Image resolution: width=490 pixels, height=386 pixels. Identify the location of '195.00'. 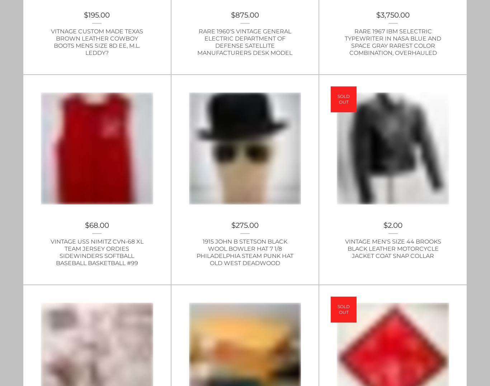
(99, 14).